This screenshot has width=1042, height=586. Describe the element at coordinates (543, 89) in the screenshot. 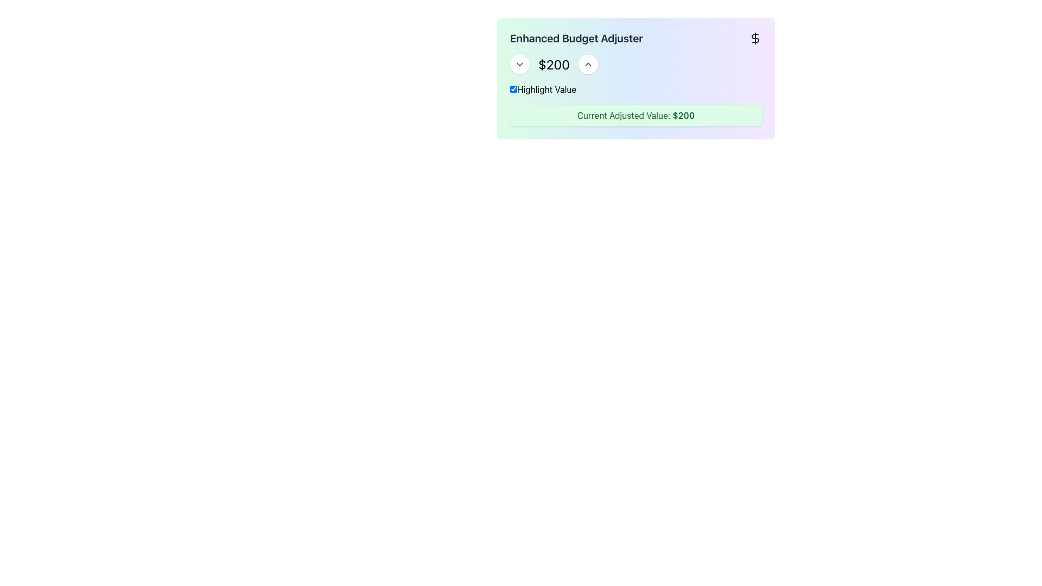

I see `the descriptive Text label for the checkbox located to the right of its sibling checkbox component` at that location.